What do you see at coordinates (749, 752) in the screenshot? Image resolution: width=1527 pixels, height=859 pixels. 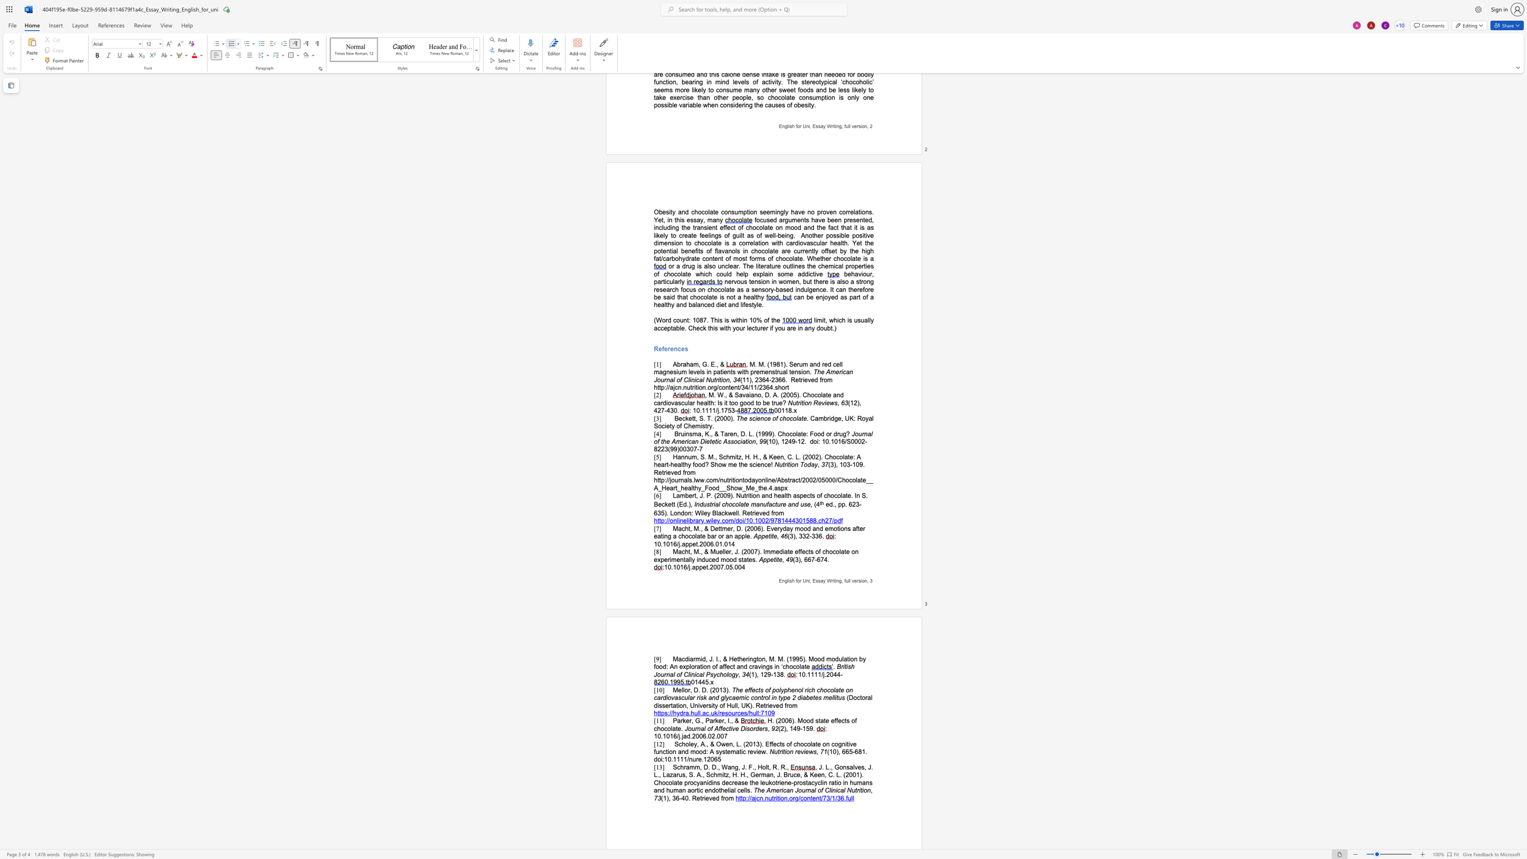 I see `the space between the continuous character "r" and "e" in the text` at bounding box center [749, 752].